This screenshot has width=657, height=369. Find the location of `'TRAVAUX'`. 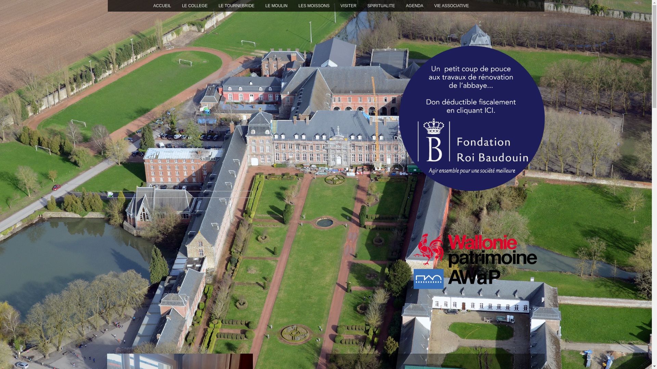

'TRAVAUX' is located at coordinates (474, 5).